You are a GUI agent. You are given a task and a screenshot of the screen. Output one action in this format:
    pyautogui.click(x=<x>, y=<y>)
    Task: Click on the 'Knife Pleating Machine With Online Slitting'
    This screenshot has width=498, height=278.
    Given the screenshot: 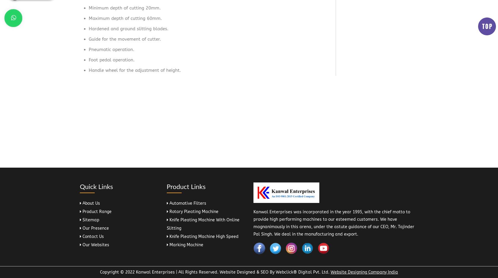 What is the action you would take?
    pyautogui.click(x=166, y=223)
    